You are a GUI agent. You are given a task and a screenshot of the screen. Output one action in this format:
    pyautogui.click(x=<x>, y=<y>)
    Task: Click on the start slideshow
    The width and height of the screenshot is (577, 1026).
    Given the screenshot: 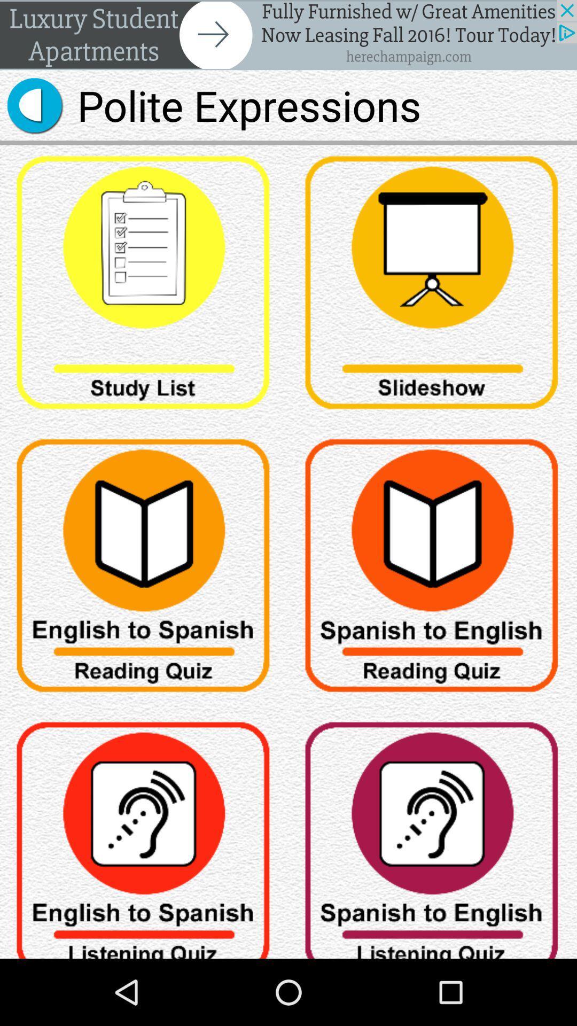 What is the action you would take?
    pyautogui.click(x=433, y=286)
    